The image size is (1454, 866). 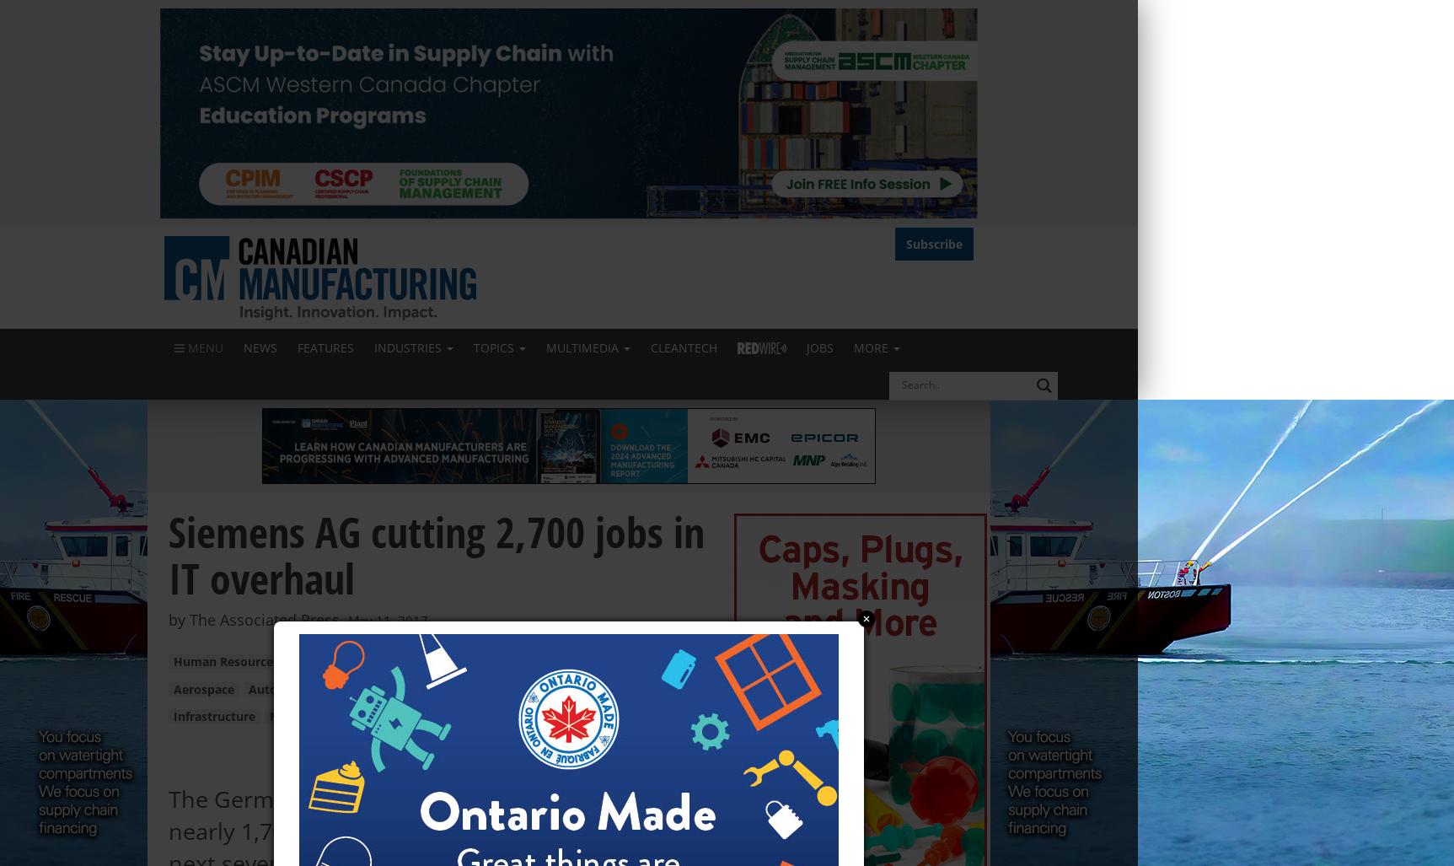 I want to click on 'Subscribe', so click(x=905, y=243).